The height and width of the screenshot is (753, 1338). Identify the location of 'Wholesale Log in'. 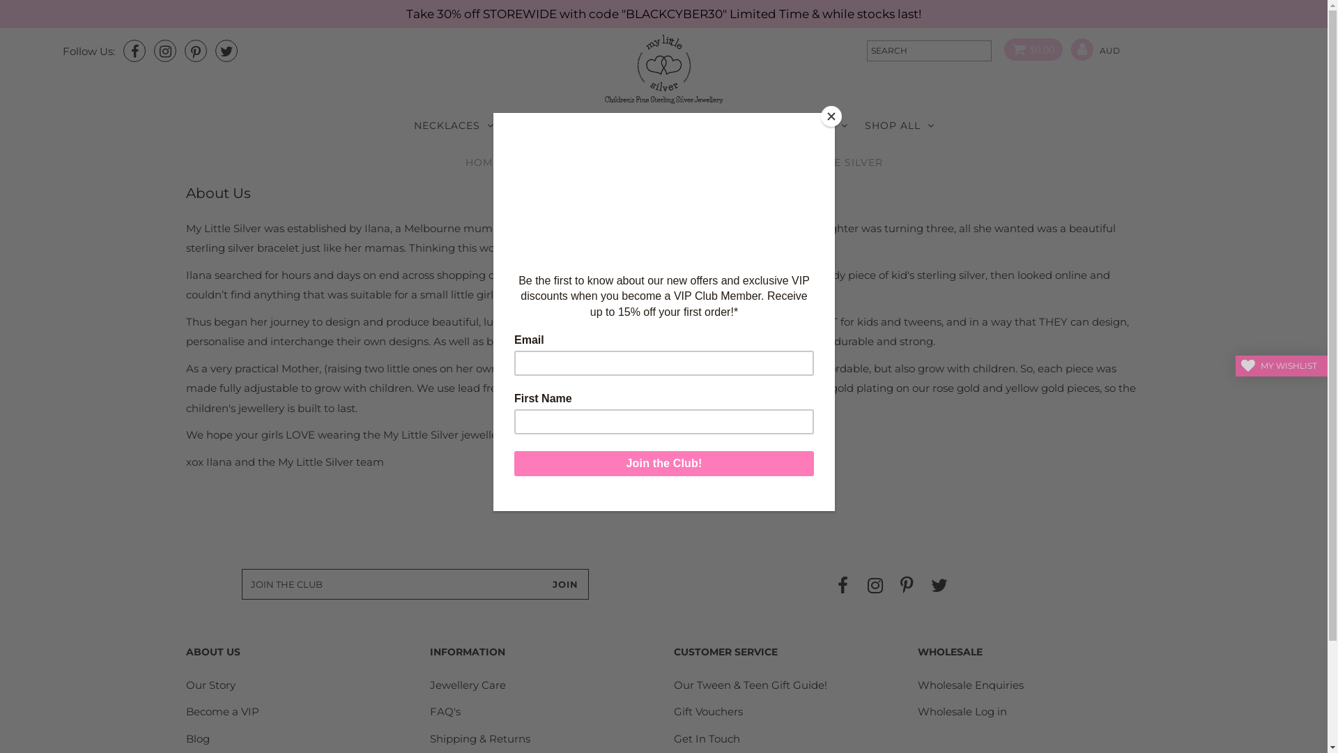
(962, 711).